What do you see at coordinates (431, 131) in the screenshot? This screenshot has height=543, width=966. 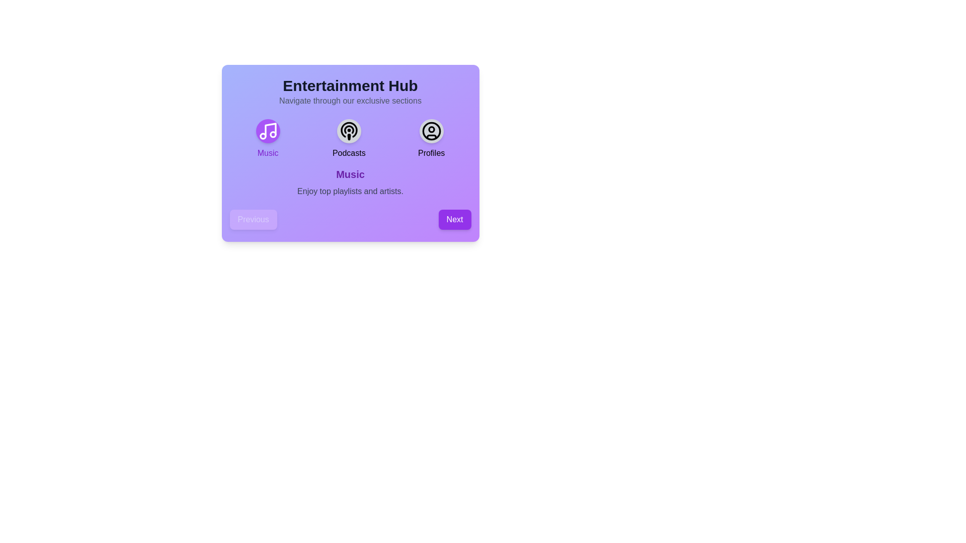 I see `the Profiles section by clicking its icon` at bounding box center [431, 131].